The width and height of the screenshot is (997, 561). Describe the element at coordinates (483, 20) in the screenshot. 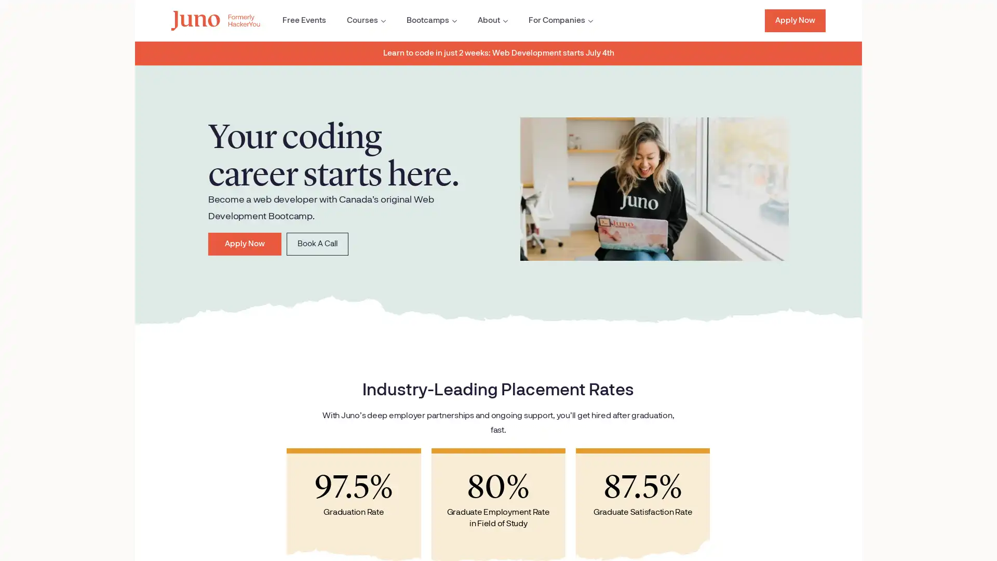

I see `Open the About sub menu.` at that location.